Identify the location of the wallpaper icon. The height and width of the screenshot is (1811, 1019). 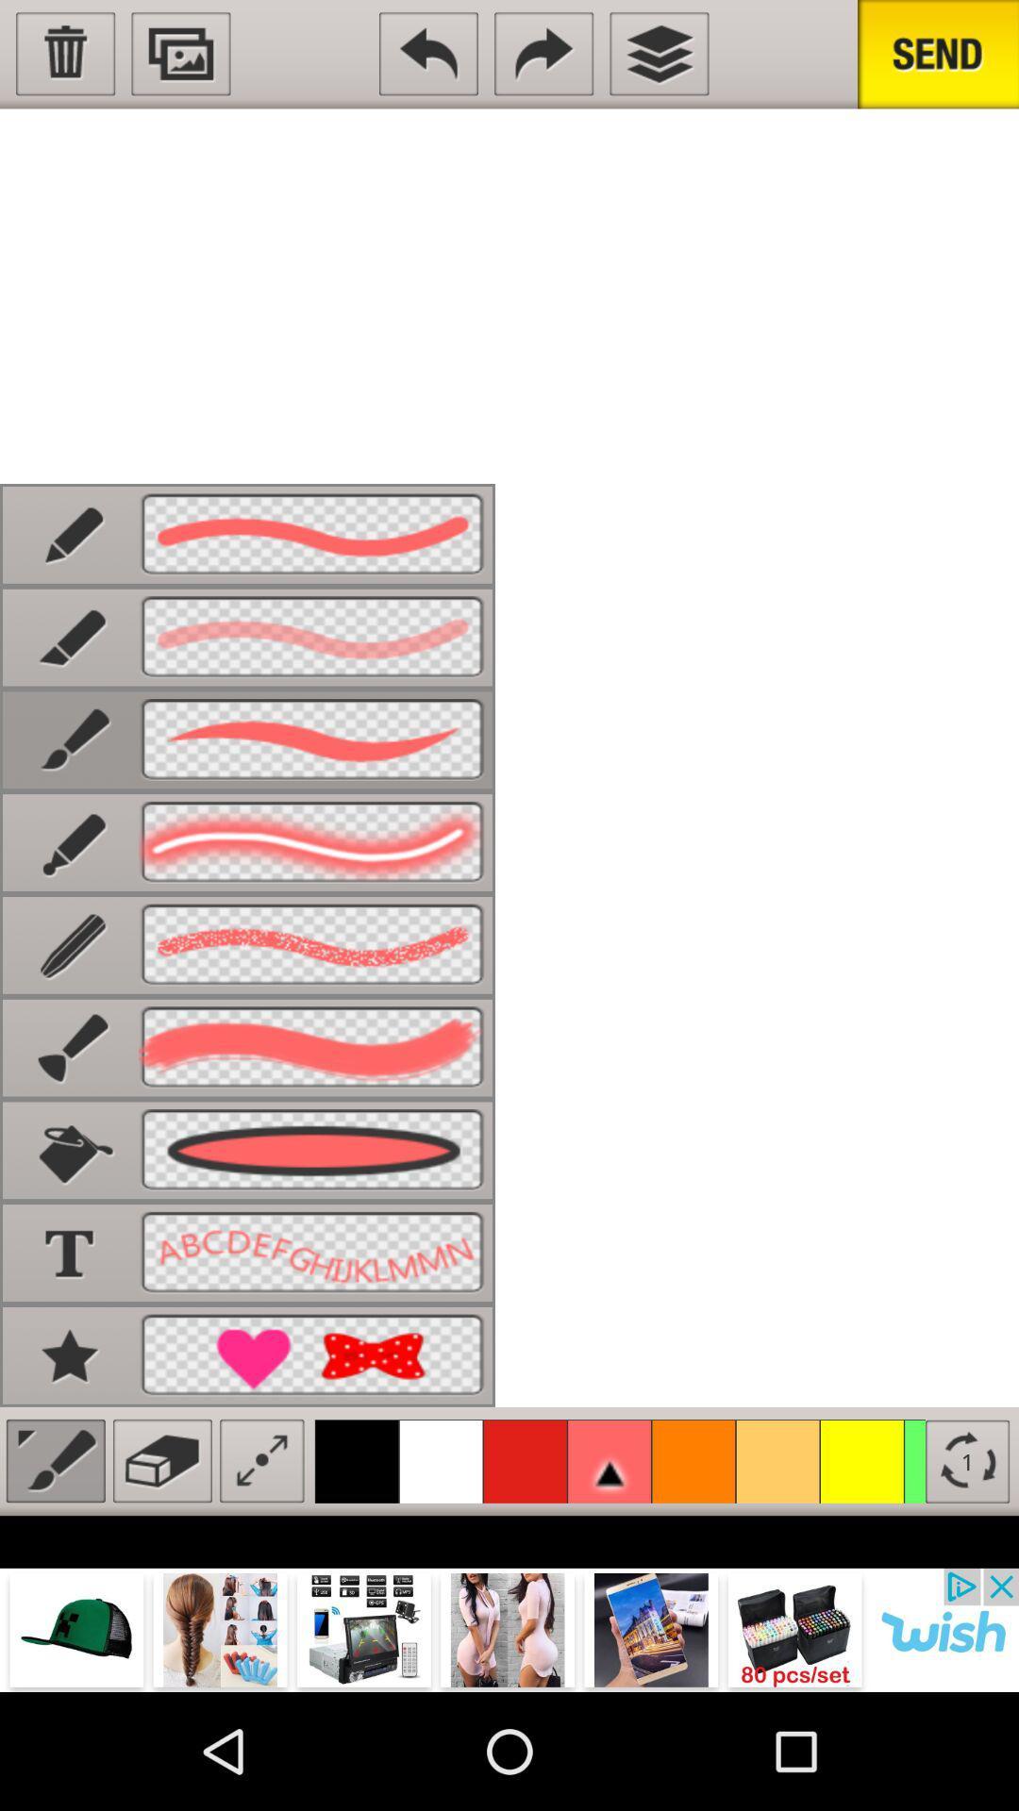
(181, 54).